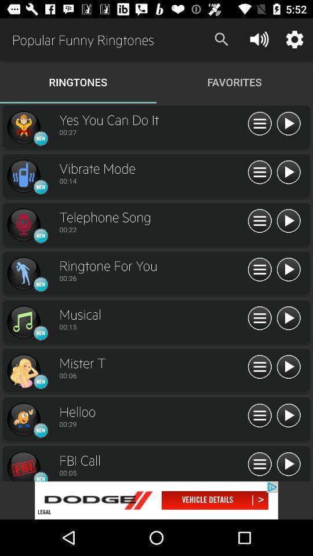 Image resolution: width=313 pixels, height=556 pixels. Describe the element at coordinates (23, 127) in the screenshot. I see `the option` at that location.